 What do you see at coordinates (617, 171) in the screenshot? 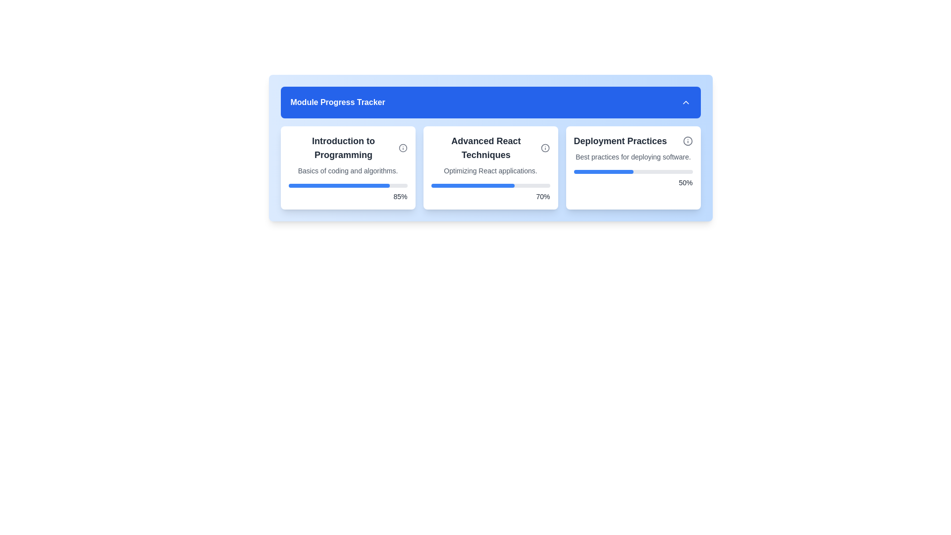
I see `the progress level` at bounding box center [617, 171].